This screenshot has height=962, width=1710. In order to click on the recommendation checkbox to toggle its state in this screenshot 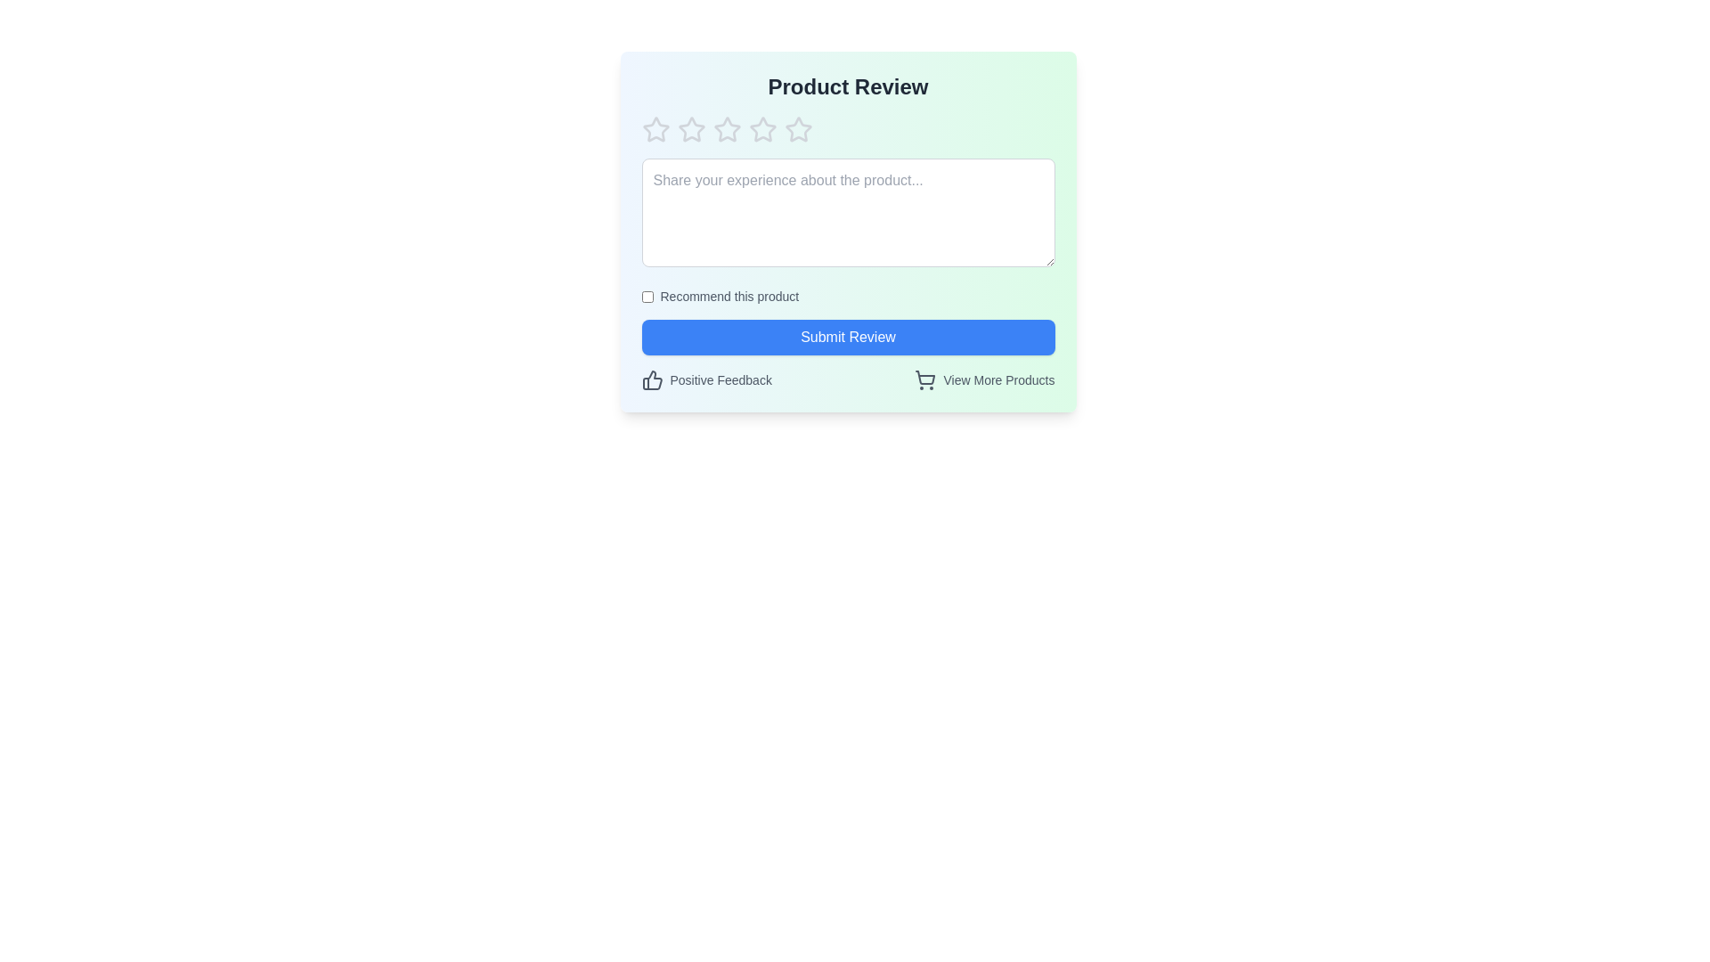, I will do `click(646, 295)`.